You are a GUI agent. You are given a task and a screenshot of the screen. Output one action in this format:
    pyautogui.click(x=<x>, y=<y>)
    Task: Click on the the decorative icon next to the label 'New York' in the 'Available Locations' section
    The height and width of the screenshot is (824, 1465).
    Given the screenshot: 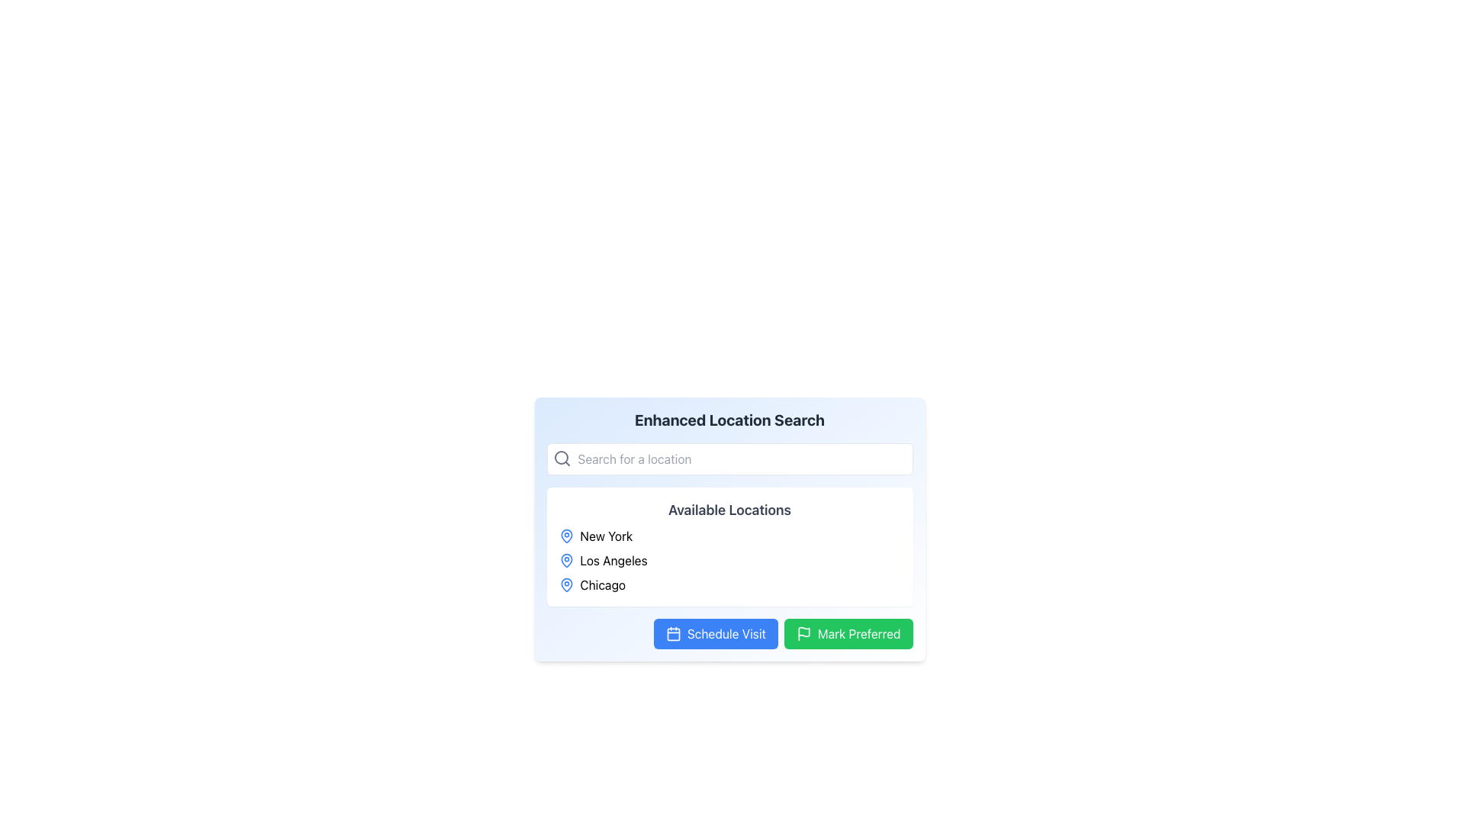 What is the action you would take?
    pyautogui.click(x=565, y=535)
    